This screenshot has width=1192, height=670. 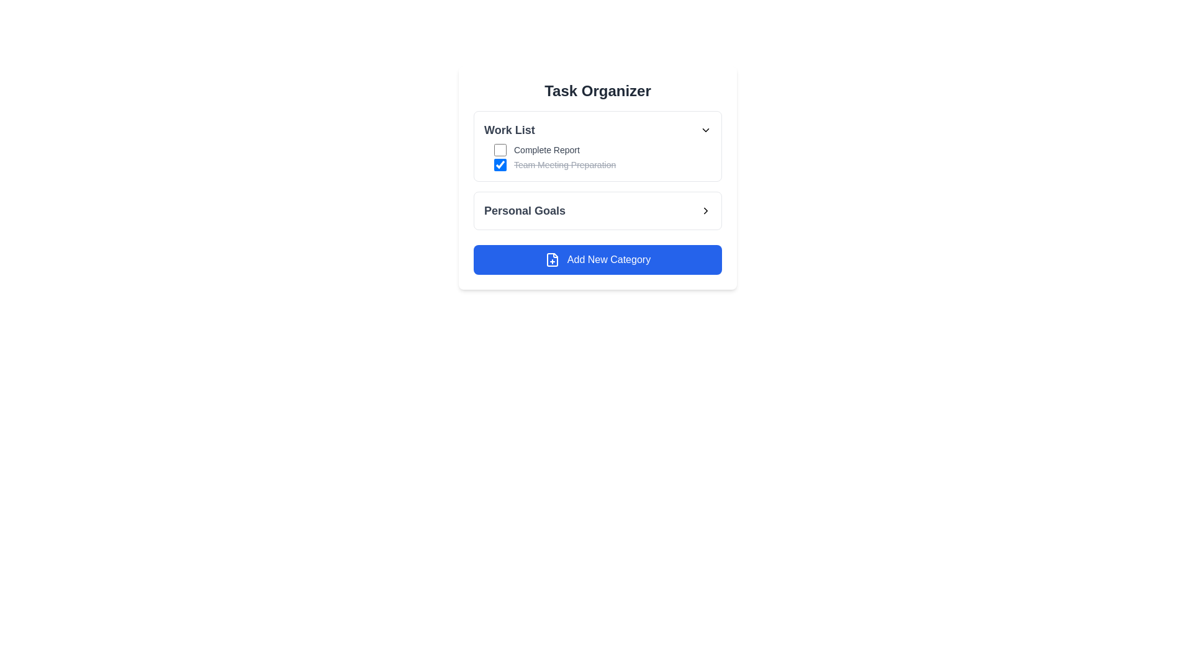 I want to click on the text label 'Complete Report', which is styled with a small font size and gray color, located inside the 'Work List' box under 'Task Organizer' and positioned to the right of a checkbox, so click(x=546, y=150).